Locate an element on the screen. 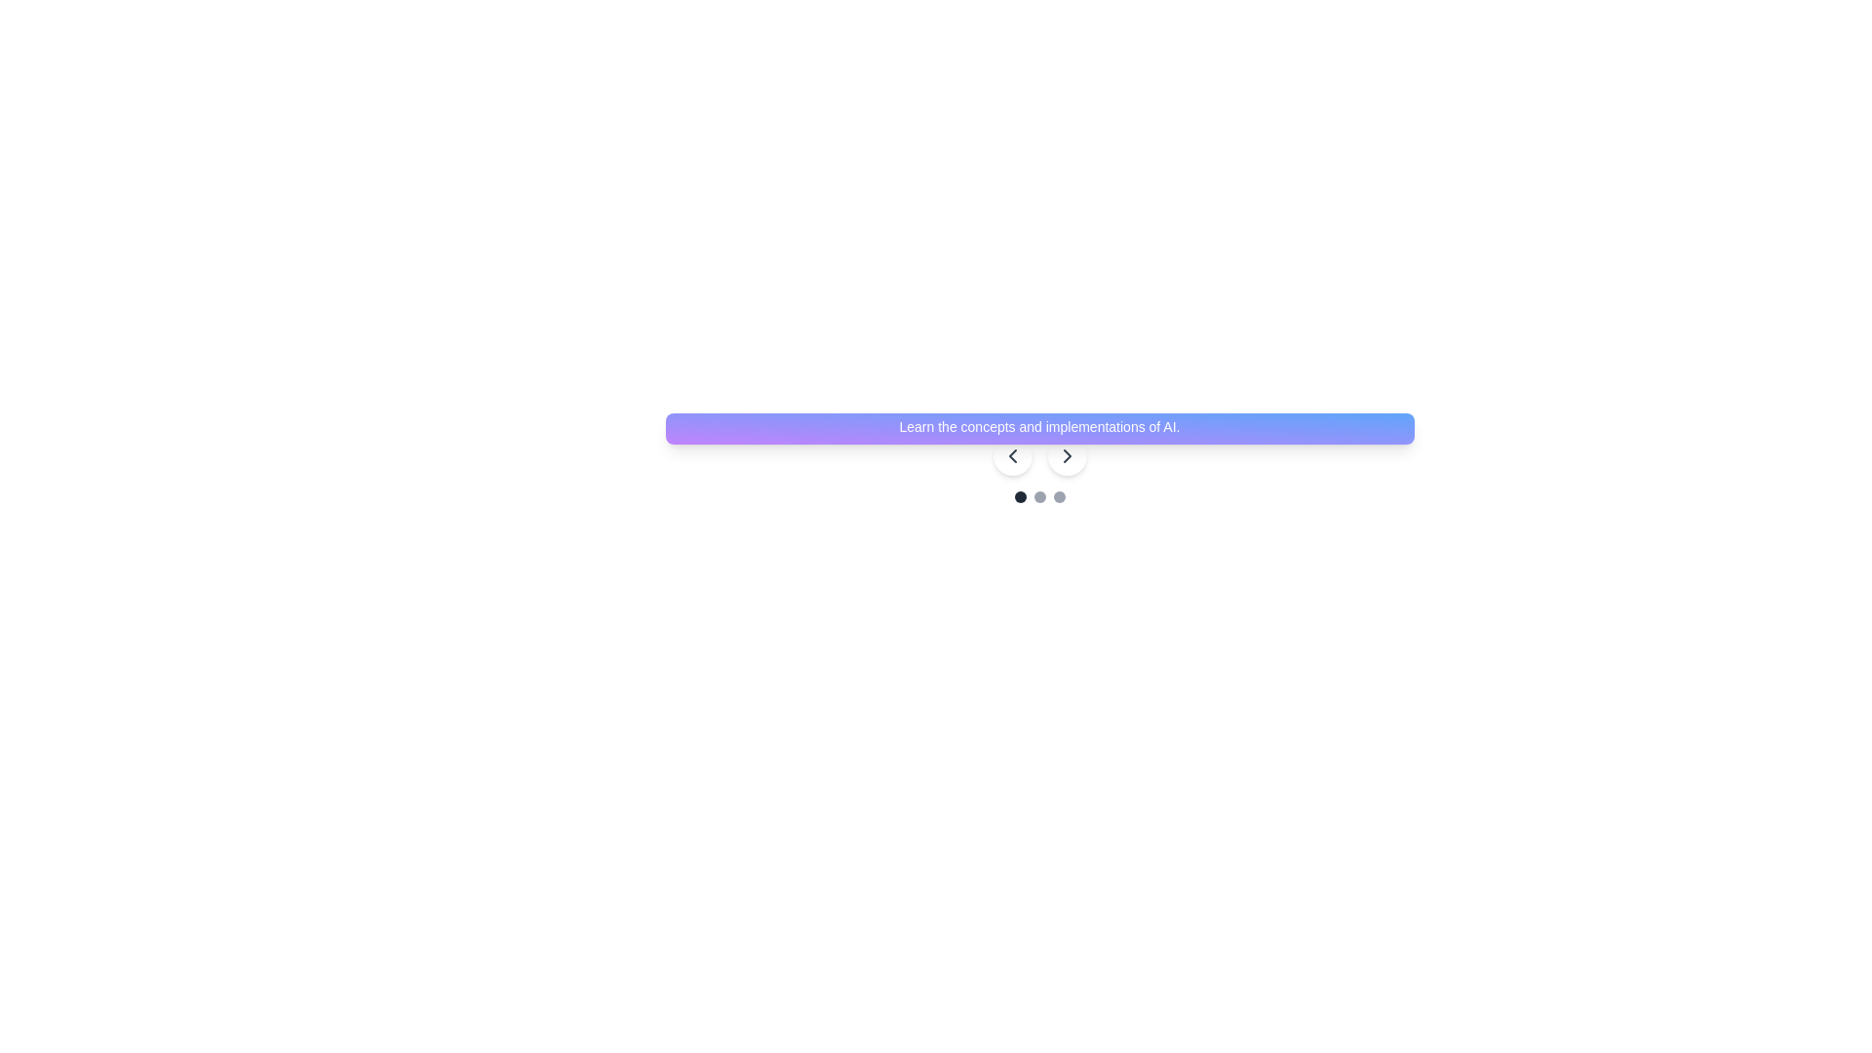  the right-facing chevron icon located at the center of the circular element to the right of the carousel navigation component is located at coordinates (1066, 455).